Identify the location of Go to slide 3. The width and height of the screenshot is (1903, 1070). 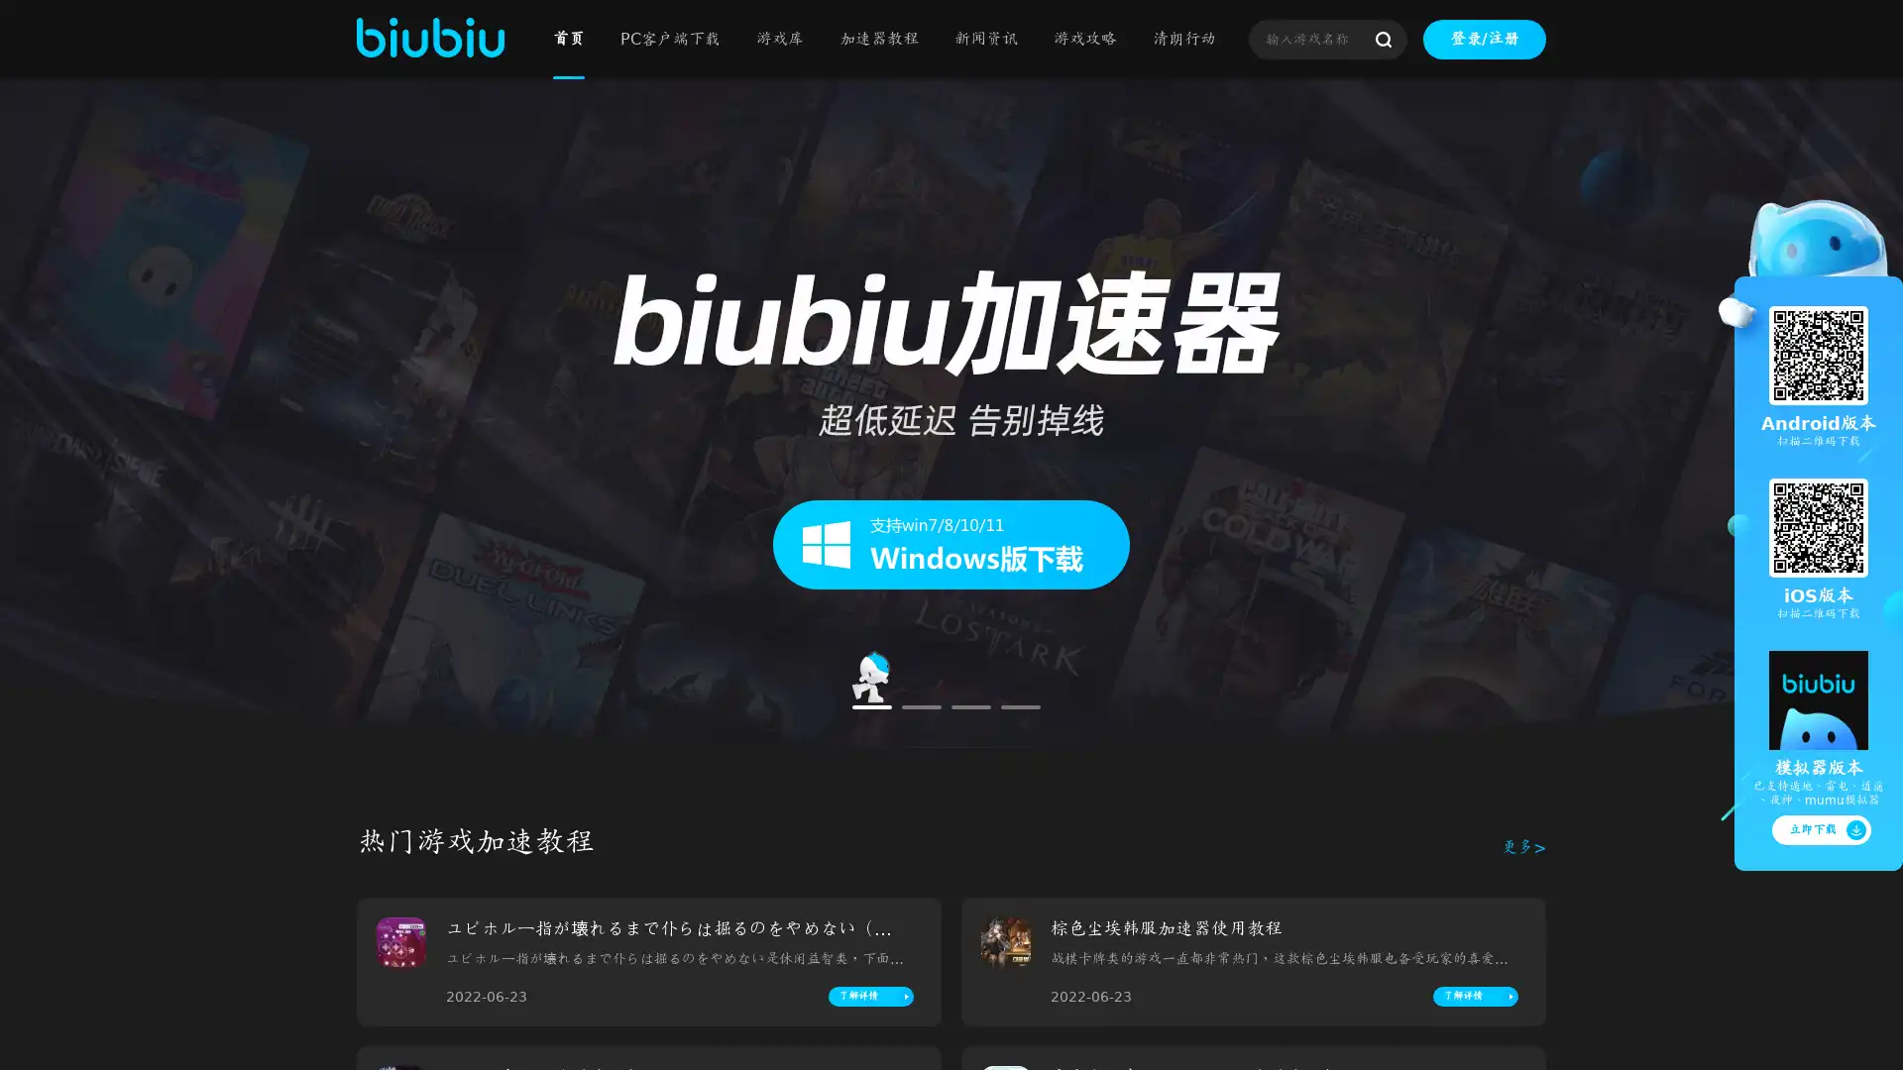
(970, 675).